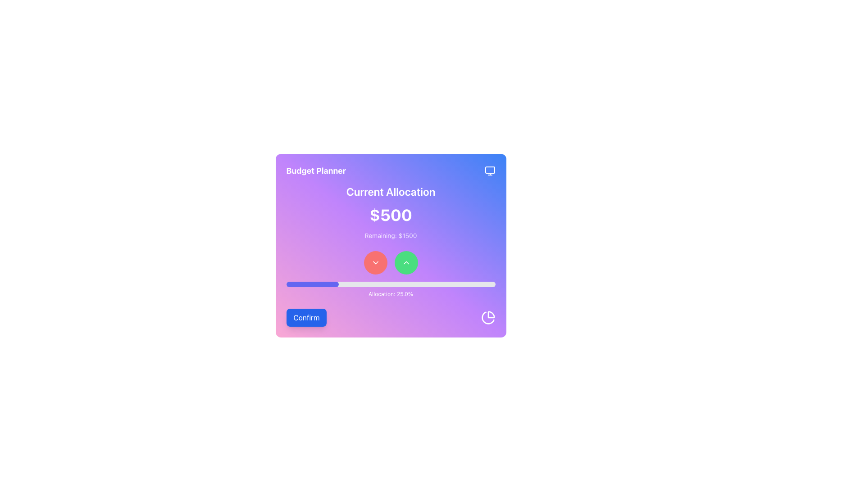  I want to click on the upward-pointing chevron icon button with a green background, so click(405, 262).